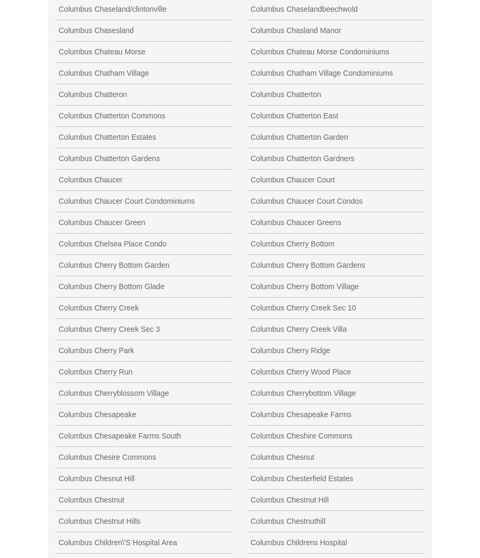  Describe the element at coordinates (58, 201) in the screenshot. I see `'Columbus Chaucer Court Condominiums'` at that location.